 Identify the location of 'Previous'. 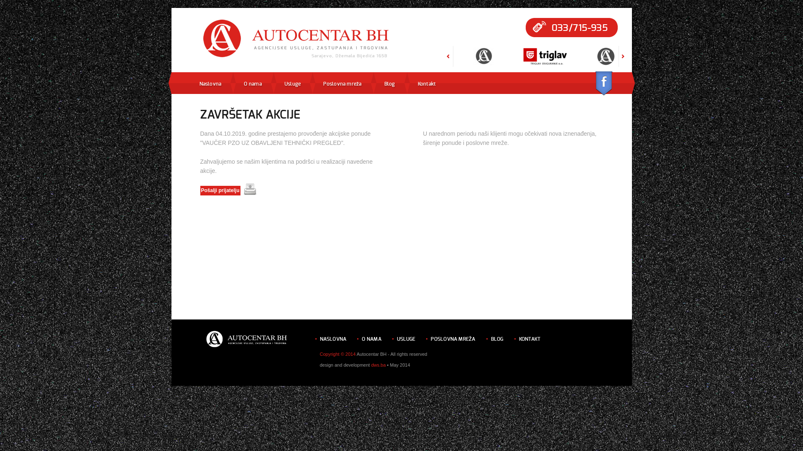
(448, 64).